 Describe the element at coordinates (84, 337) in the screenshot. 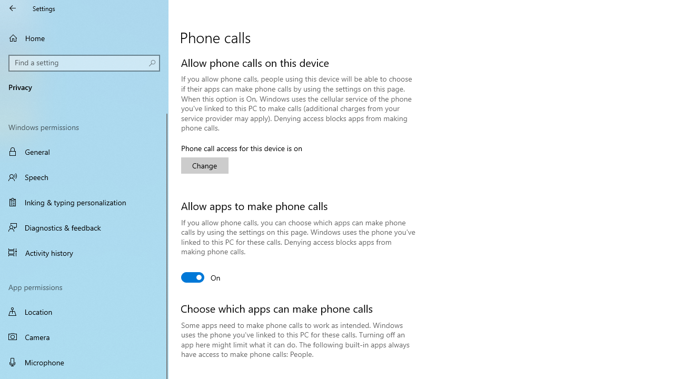

I see `'Camera'` at that location.